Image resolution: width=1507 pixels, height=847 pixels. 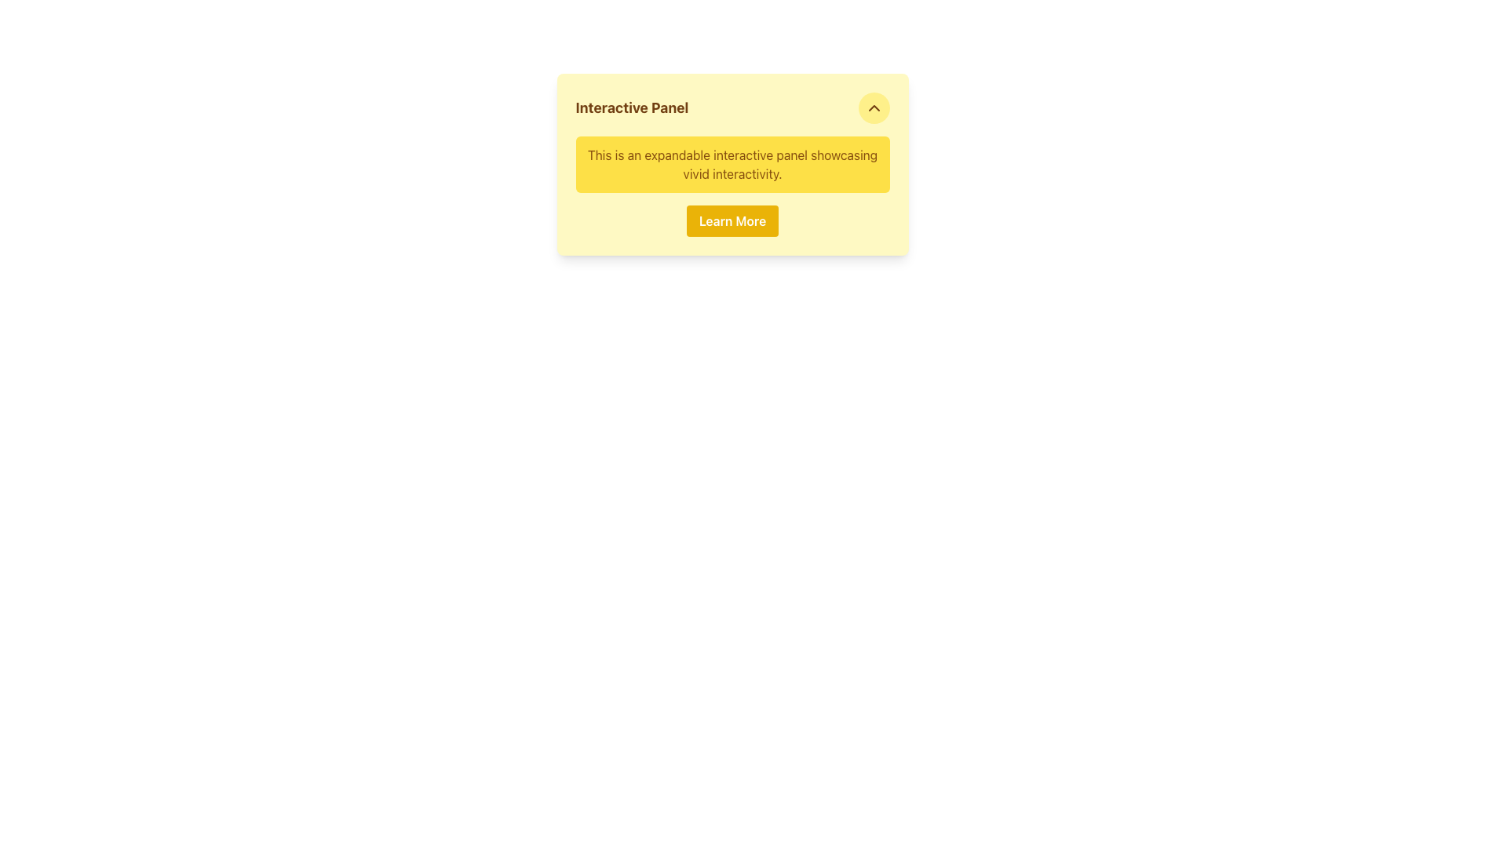 What do you see at coordinates (732, 164) in the screenshot?
I see `the 'Interactive Panel' which has a soft yellow background and contains a header, descriptive text, and a 'Learn More' button` at bounding box center [732, 164].